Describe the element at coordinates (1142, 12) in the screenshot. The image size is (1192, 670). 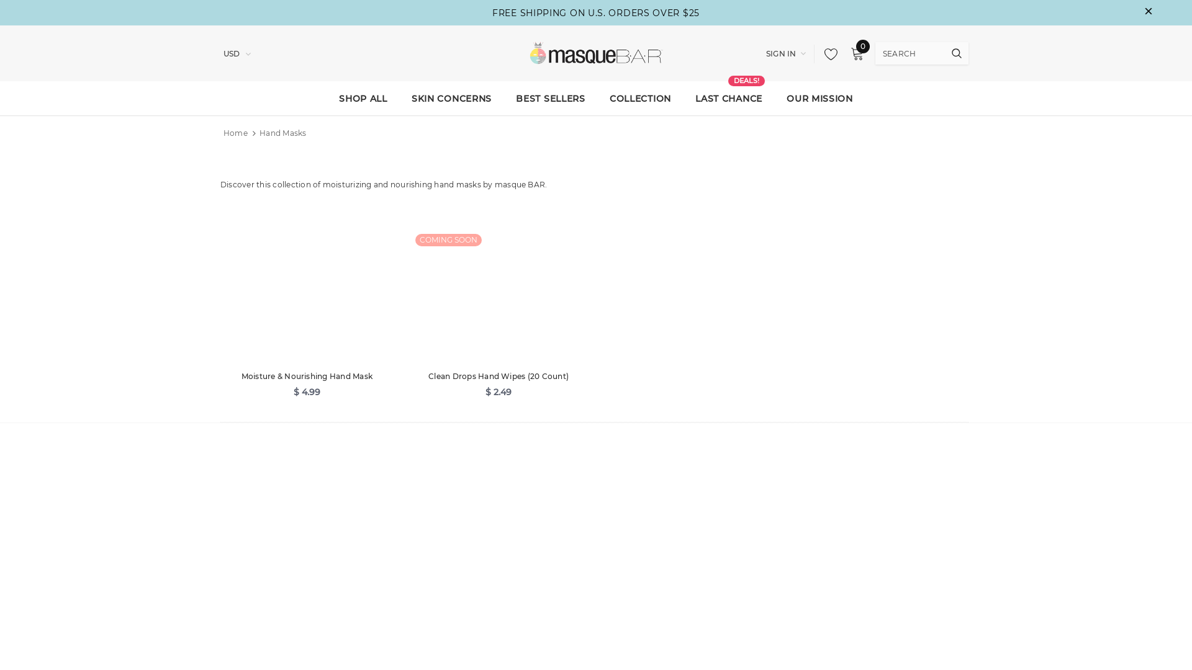
I see `'close'` at that location.